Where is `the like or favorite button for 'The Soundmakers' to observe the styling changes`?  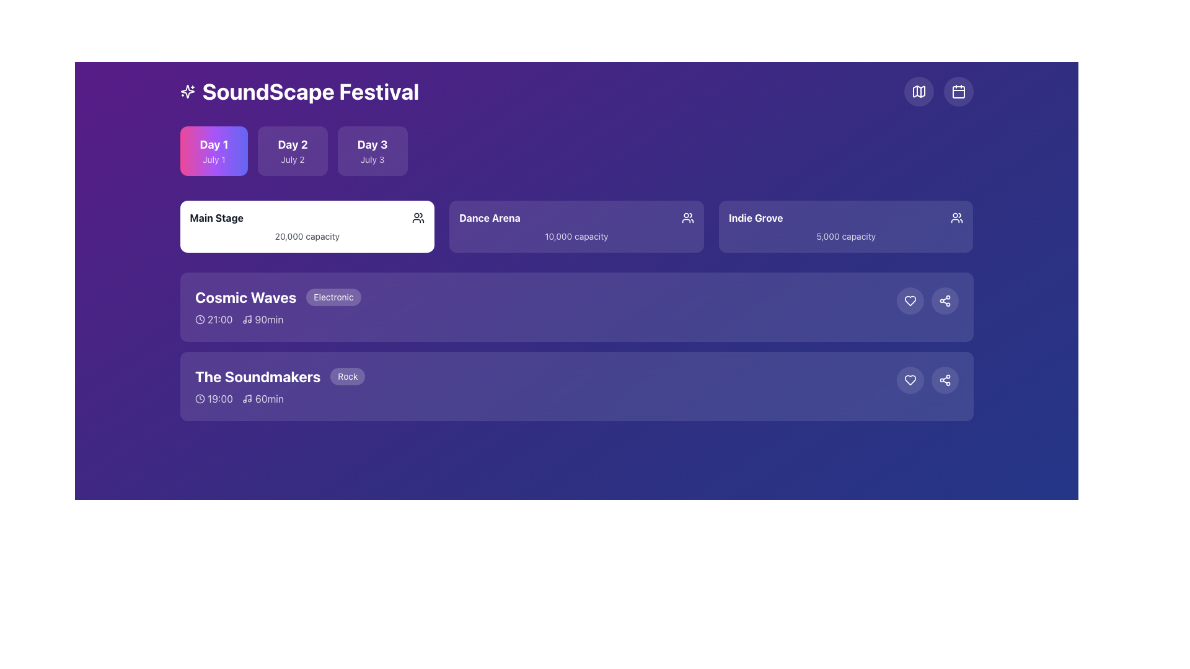
the like or favorite button for 'The Soundmakers' to observe the styling changes is located at coordinates (910, 379).